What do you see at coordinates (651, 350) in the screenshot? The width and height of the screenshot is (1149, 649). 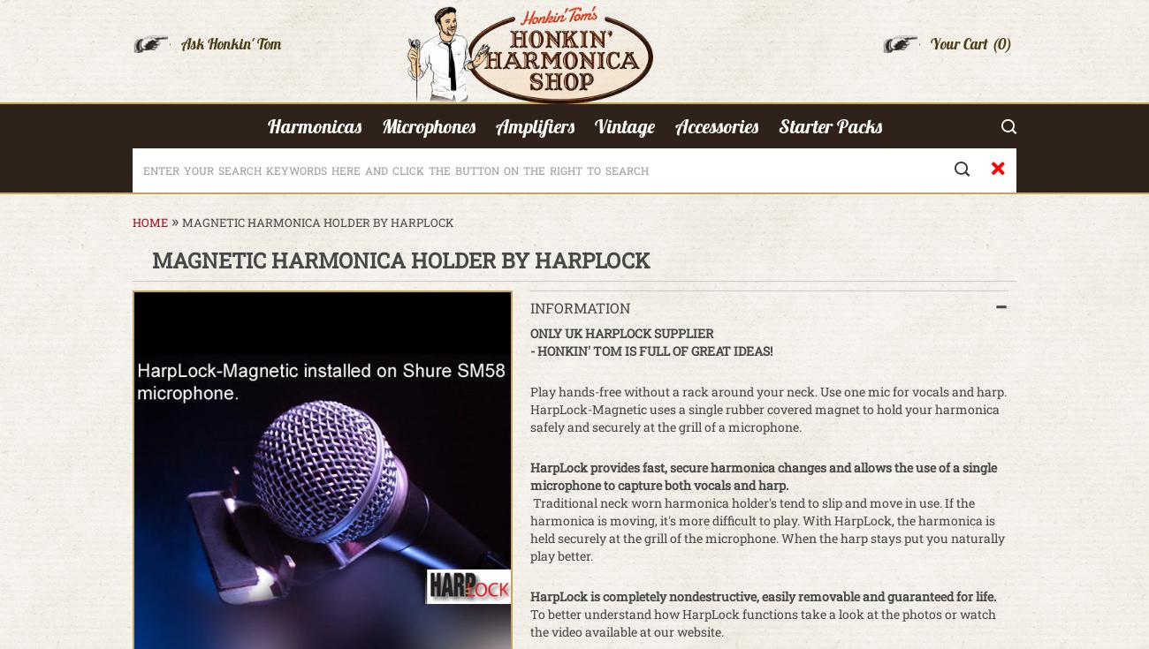 I see `'- HONKIN' TOM IS FULL OF GREAT IDEAS!'` at bounding box center [651, 350].